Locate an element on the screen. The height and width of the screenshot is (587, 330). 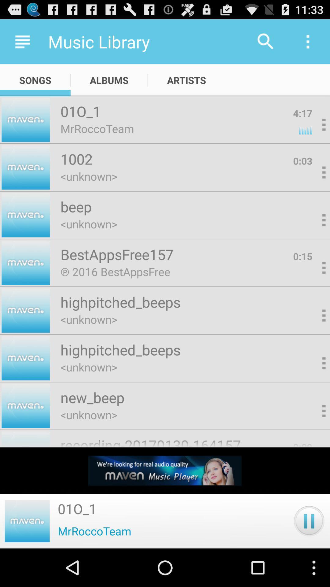
the more icon is located at coordinates (314, 338).